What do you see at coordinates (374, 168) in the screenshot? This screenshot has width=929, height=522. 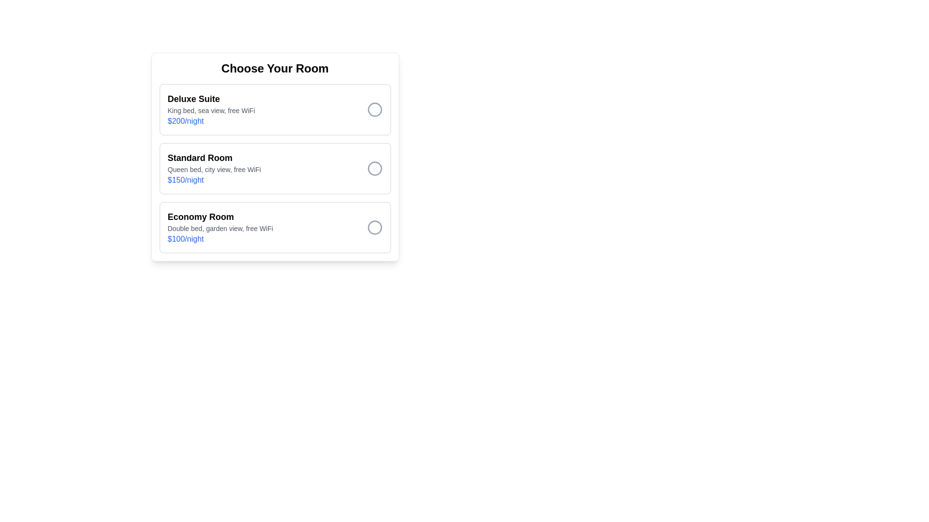 I see `the second radio button in the 'Standard Room' option to get more details about its state` at bounding box center [374, 168].